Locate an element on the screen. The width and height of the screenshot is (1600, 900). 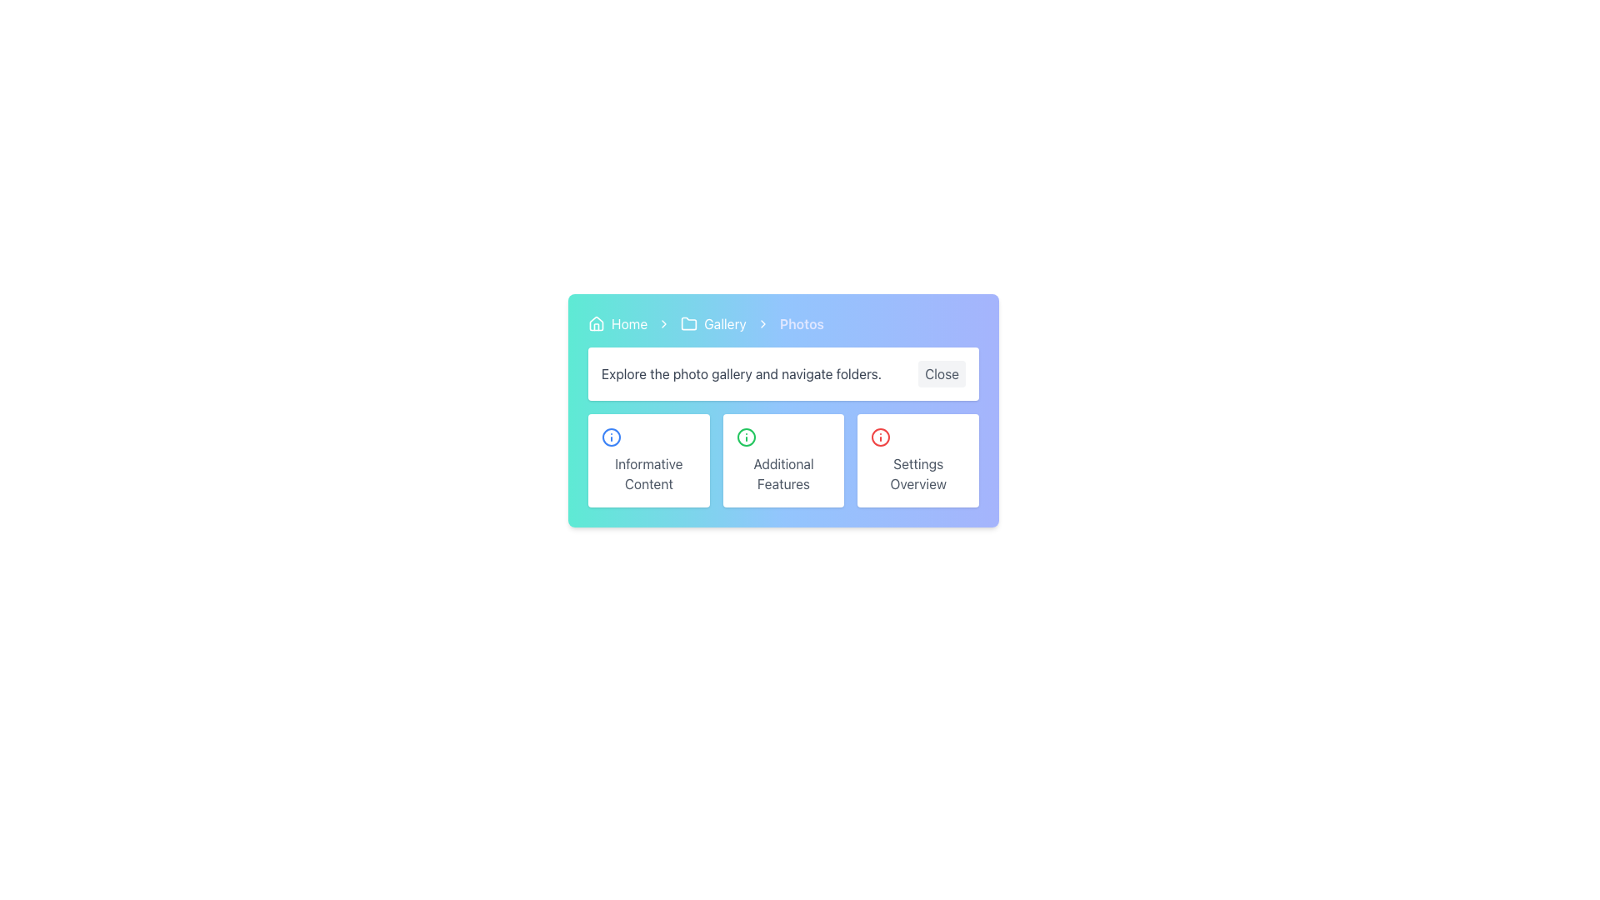
the home icon located to the left of the 'Home' label is located at coordinates (596, 324).